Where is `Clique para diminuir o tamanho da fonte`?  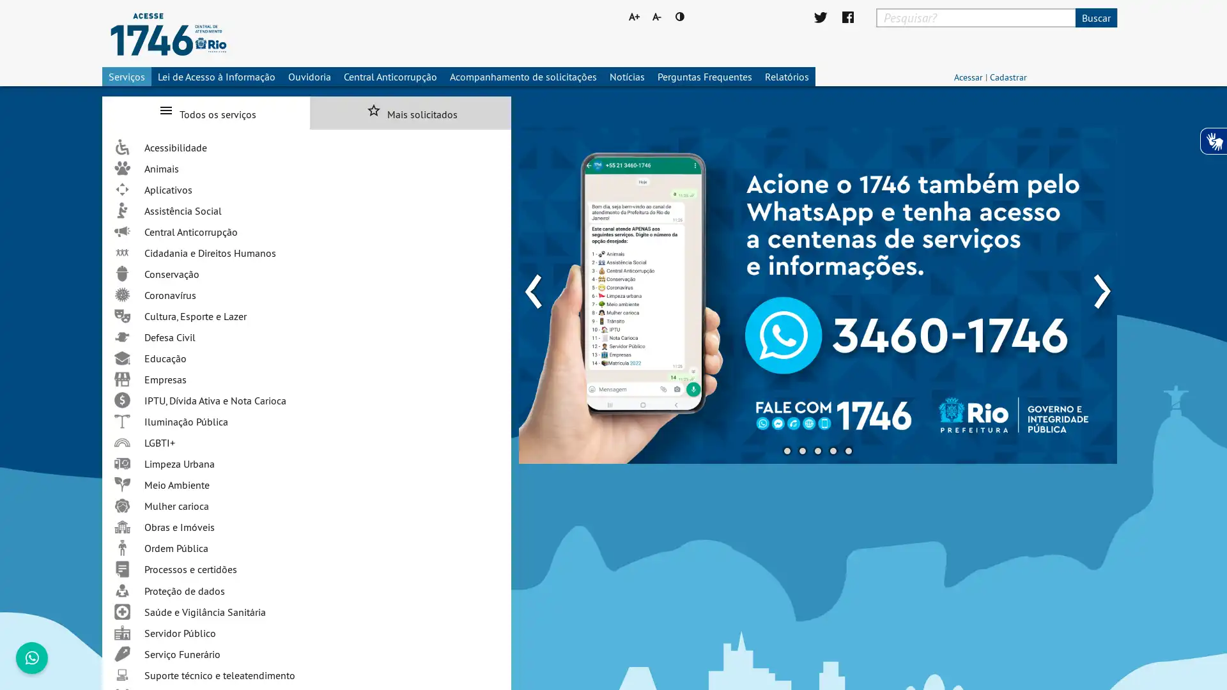
Clique para diminuir o tamanho da fonte is located at coordinates (657, 17).